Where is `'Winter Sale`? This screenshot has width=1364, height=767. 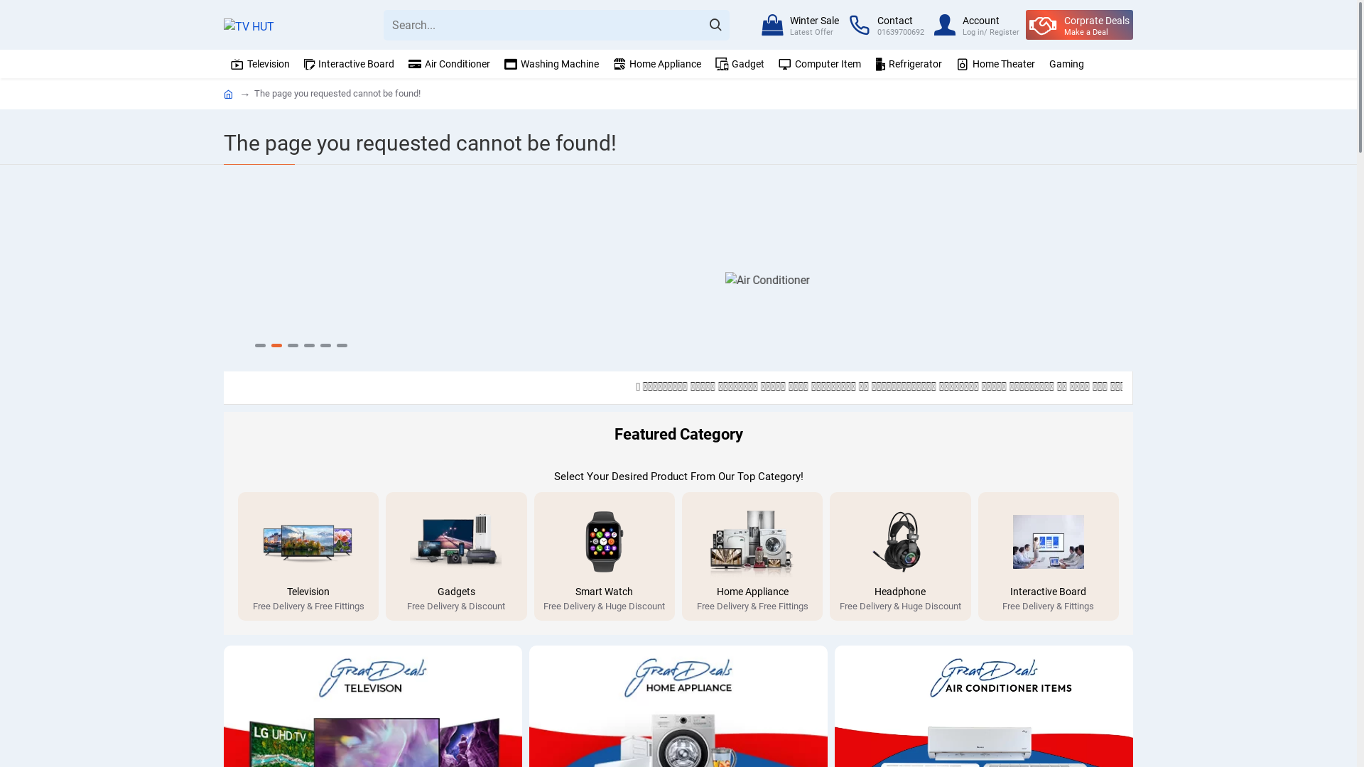 'Winter Sale is located at coordinates (800, 24).